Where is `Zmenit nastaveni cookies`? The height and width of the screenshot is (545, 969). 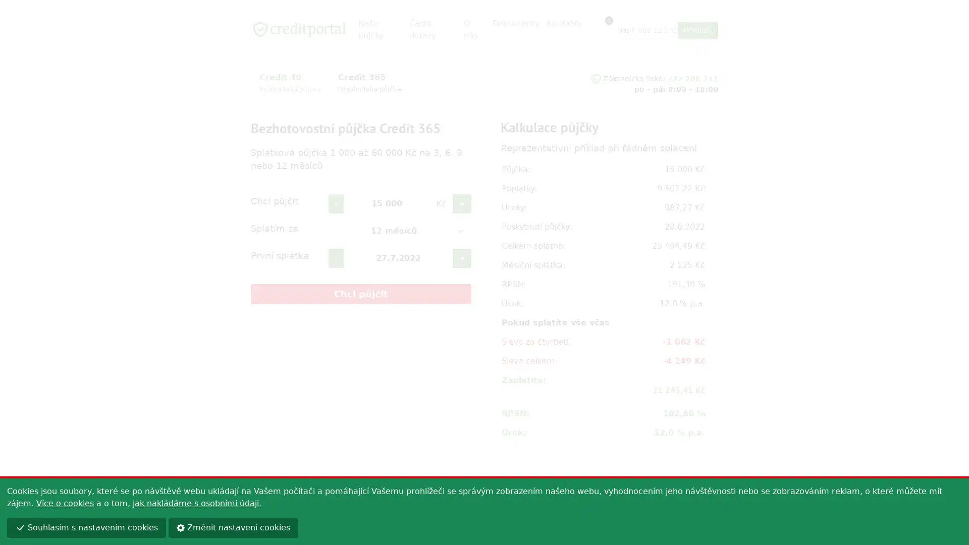
Zmenit nastaveni cookies is located at coordinates (233, 527).